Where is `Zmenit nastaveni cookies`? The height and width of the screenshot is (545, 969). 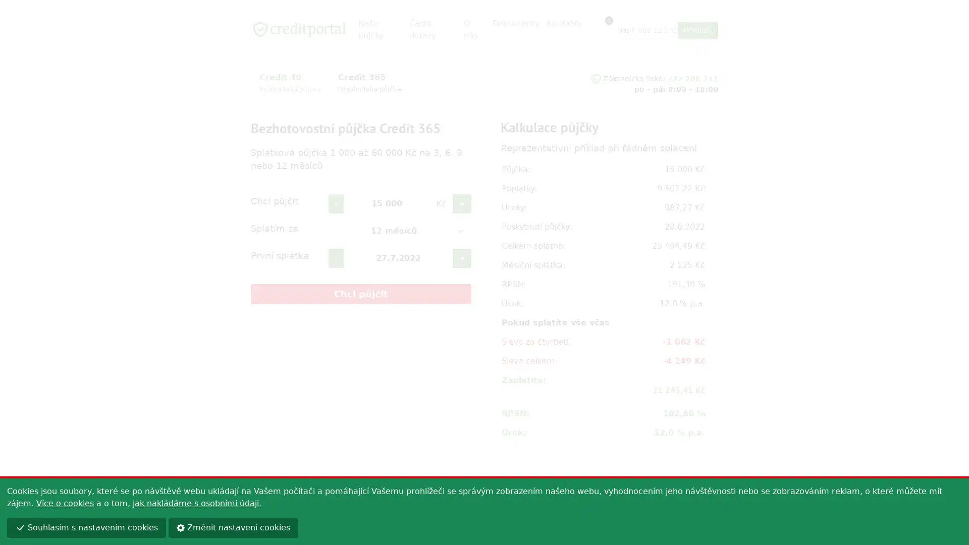
Zmenit nastaveni cookies is located at coordinates (233, 527).